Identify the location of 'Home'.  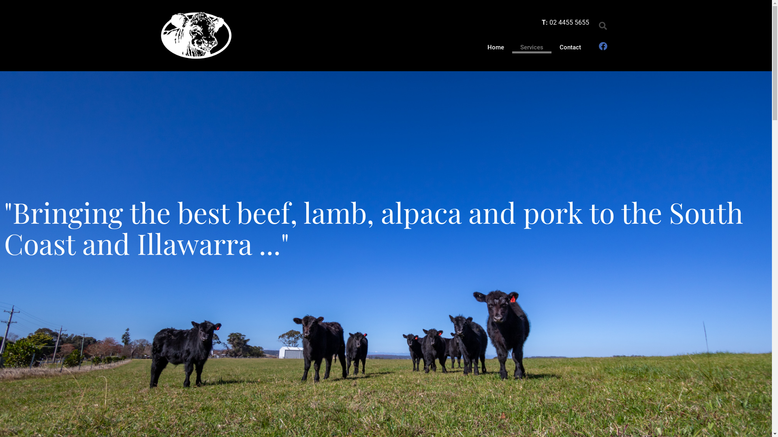
(479, 47).